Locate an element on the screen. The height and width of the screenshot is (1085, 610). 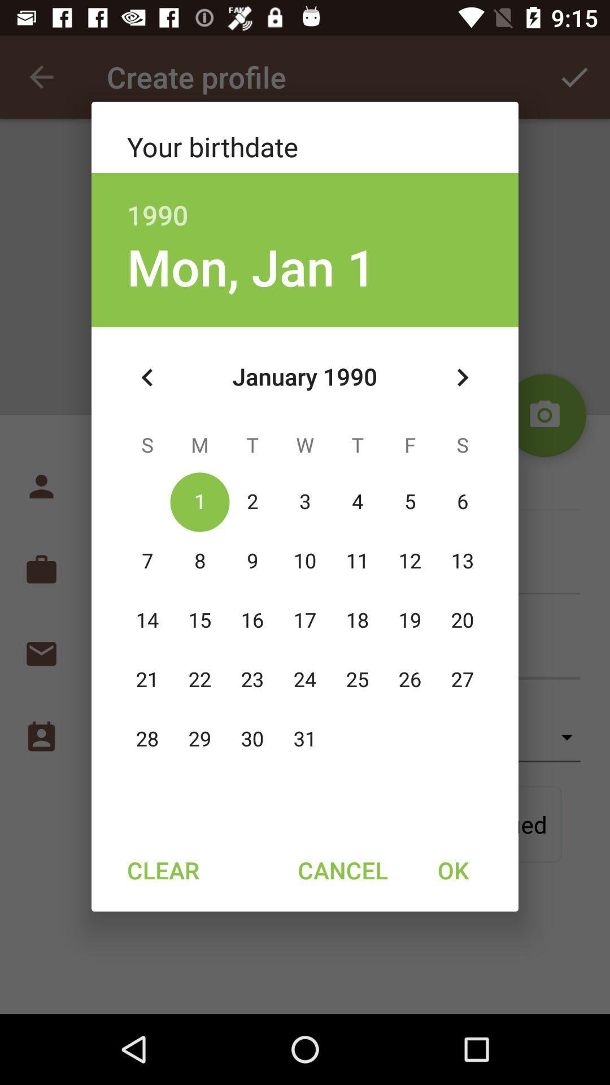
the item to the right of clear is located at coordinates (342, 869).